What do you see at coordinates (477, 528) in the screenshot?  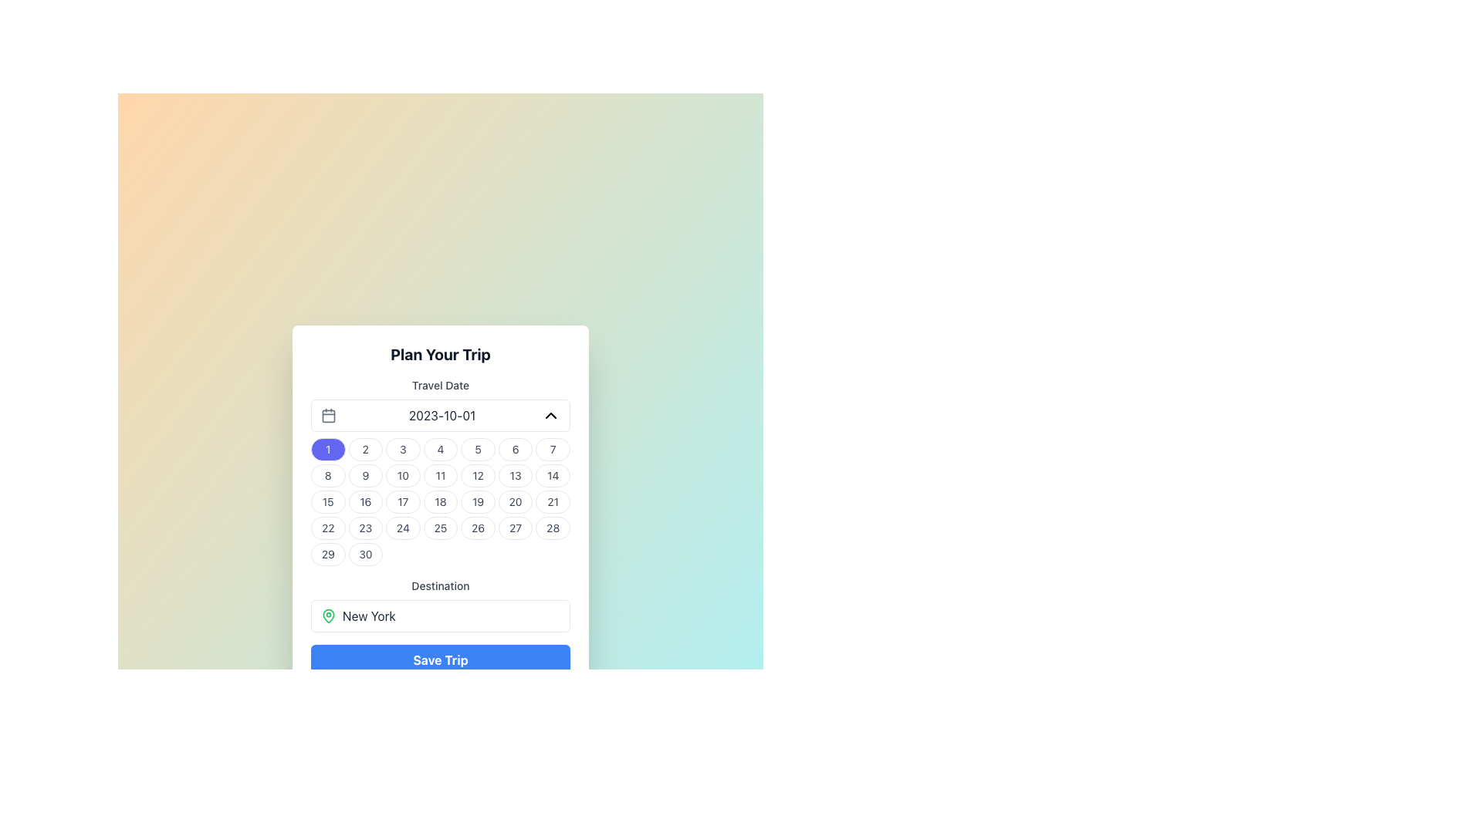 I see `the circular button with a white background and gray border containing the number '26', located in the fifth row and fifth column of the calendar grid beneath the 'Travel Date' label` at bounding box center [477, 528].